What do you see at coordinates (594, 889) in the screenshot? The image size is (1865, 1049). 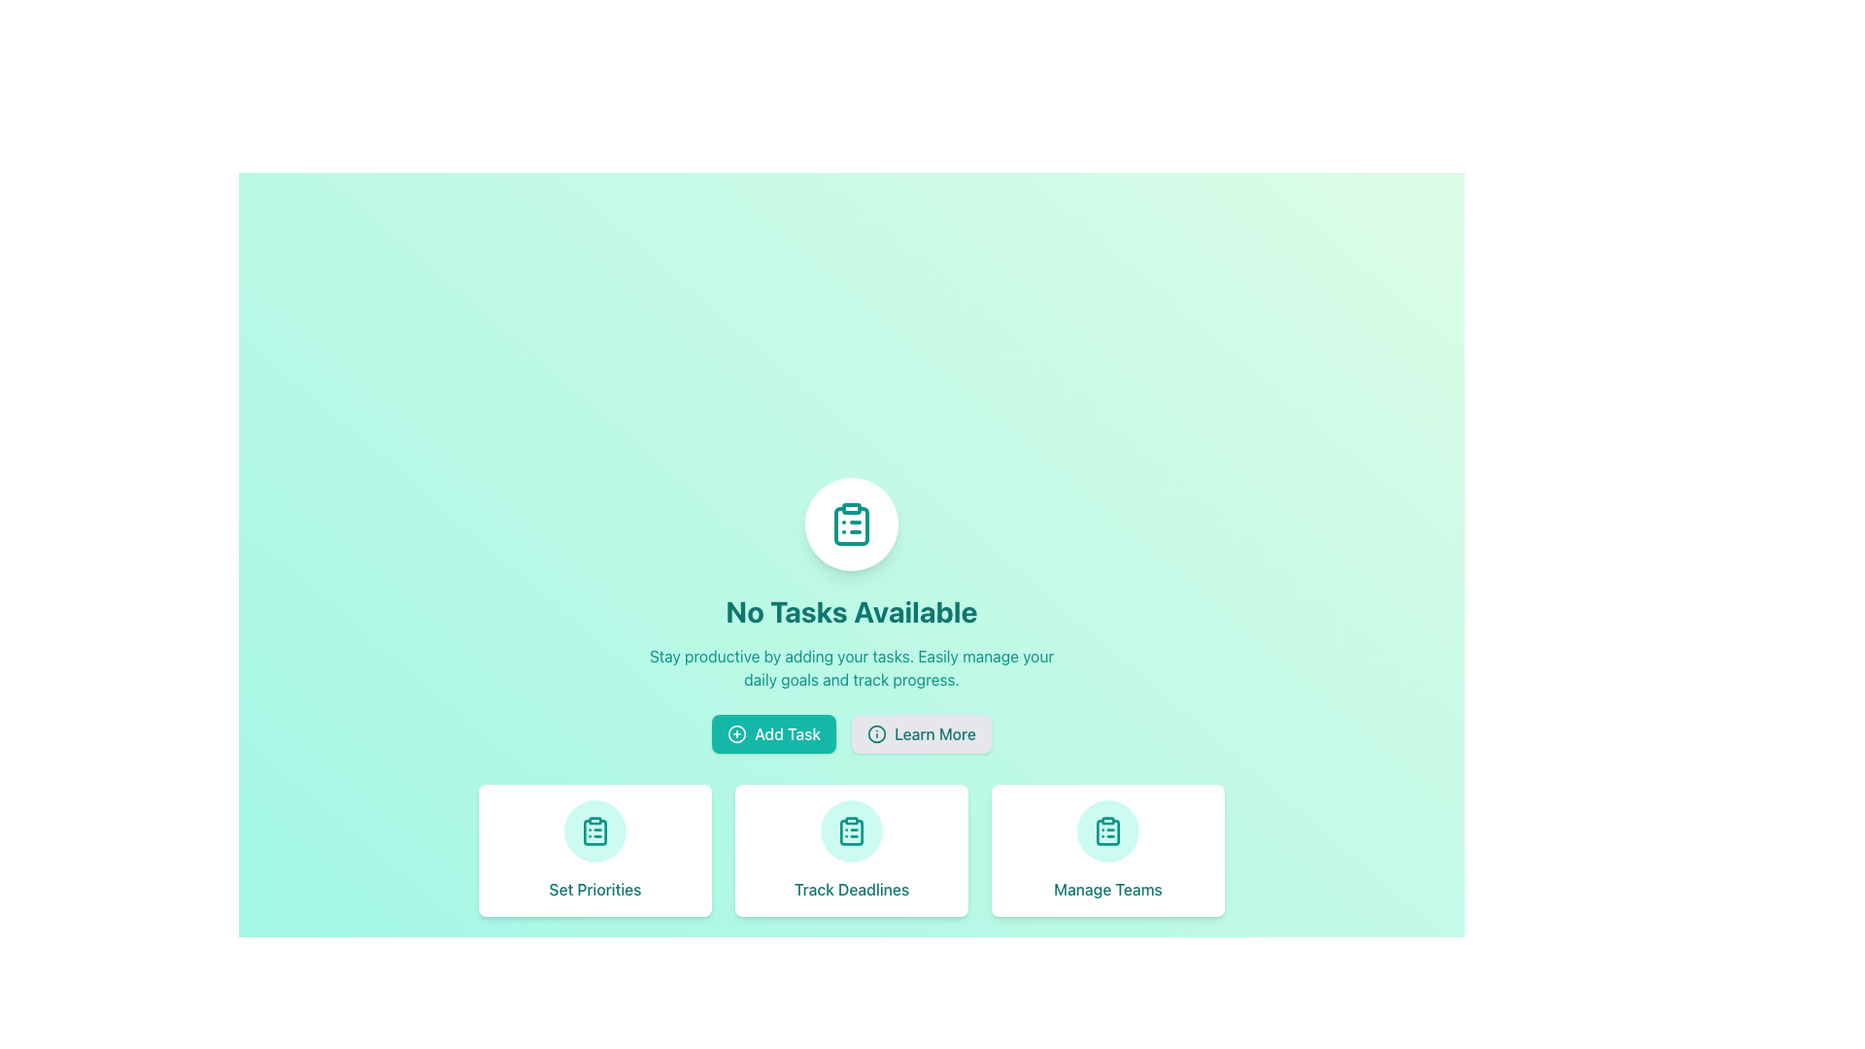 I see `the text label that states 'Set Priorities', which is styled with a teal color and located at the bottom-center of the first card, below a teal clipboard icon` at bounding box center [594, 889].